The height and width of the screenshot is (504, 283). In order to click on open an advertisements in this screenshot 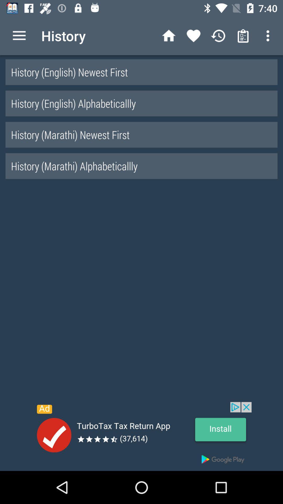, I will do `click(141, 436)`.